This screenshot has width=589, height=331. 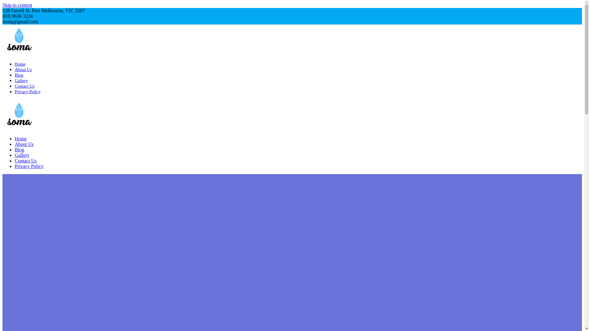 What do you see at coordinates (19, 75) in the screenshot?
I see `'Blog'` at bounding box center [19, 75].